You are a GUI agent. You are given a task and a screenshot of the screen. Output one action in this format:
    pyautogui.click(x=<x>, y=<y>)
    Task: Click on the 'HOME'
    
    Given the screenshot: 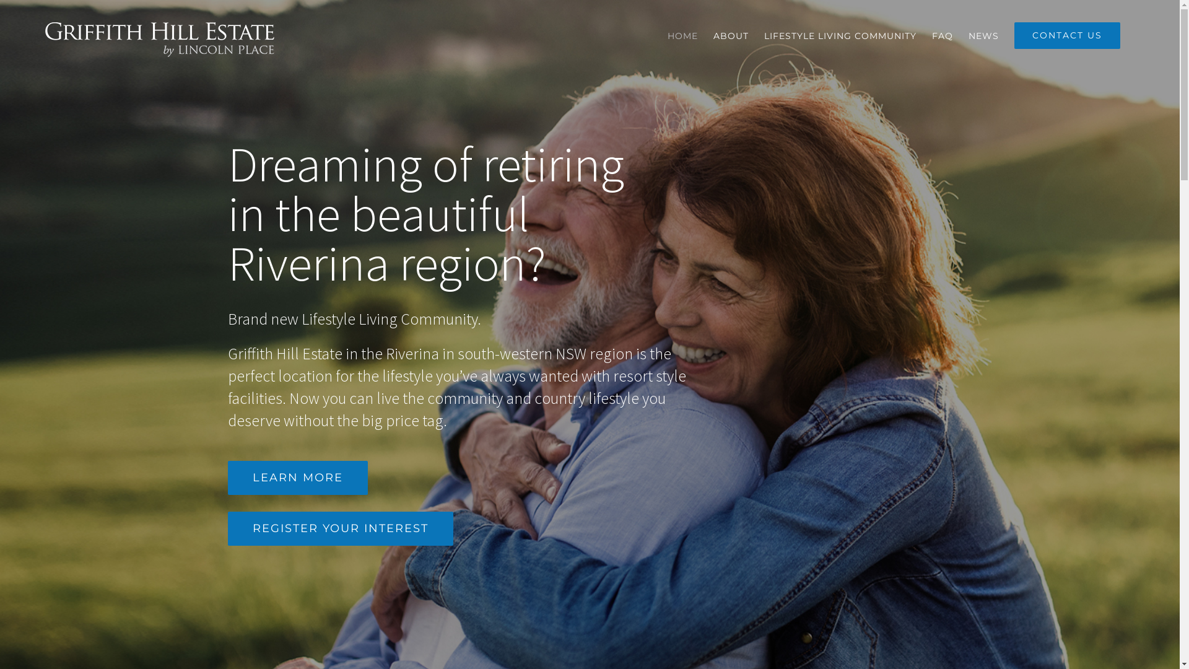 What is the action you would take?
    pyautogui.click(x=682, y=35)
    